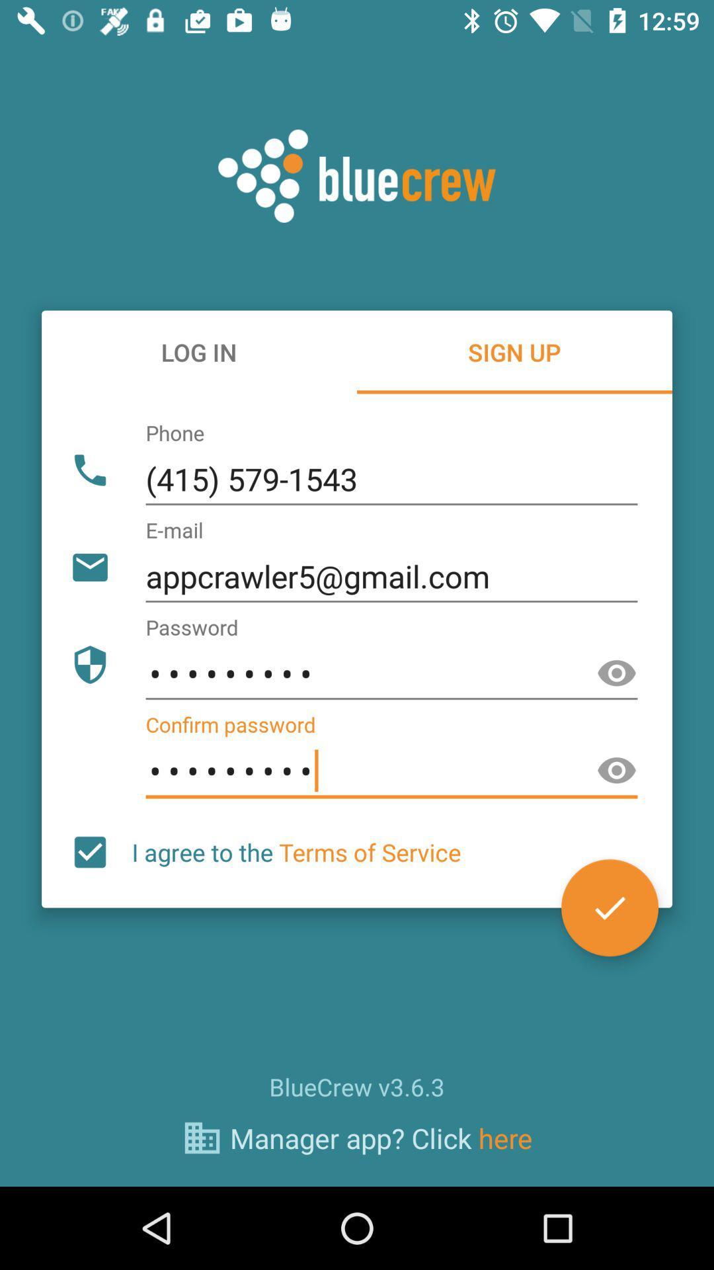 This screenshot has height=1270, width=714. Describe the element at coordinates (89, 852) in the screenshot. I see `the icon to the left of i agree to item` at that location.